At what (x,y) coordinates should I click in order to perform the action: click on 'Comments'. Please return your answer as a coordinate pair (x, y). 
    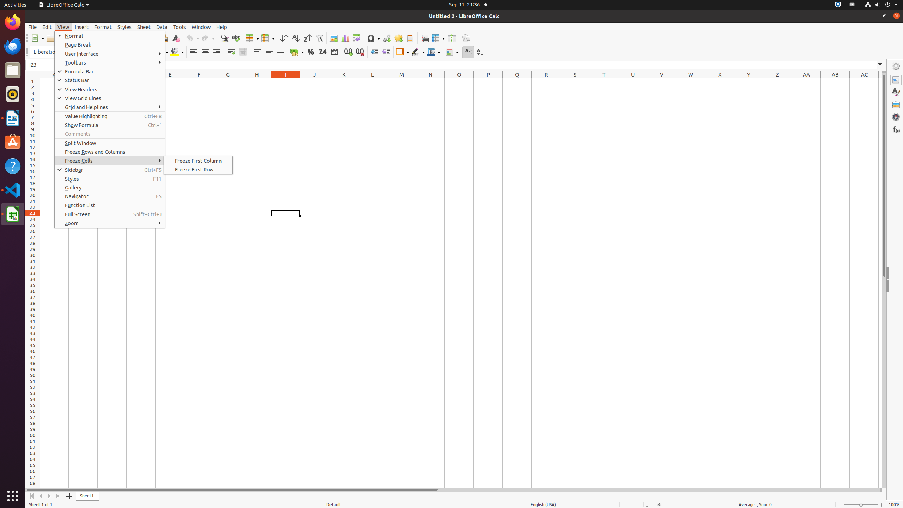
    Looking at the image, I should click on (109, 134).